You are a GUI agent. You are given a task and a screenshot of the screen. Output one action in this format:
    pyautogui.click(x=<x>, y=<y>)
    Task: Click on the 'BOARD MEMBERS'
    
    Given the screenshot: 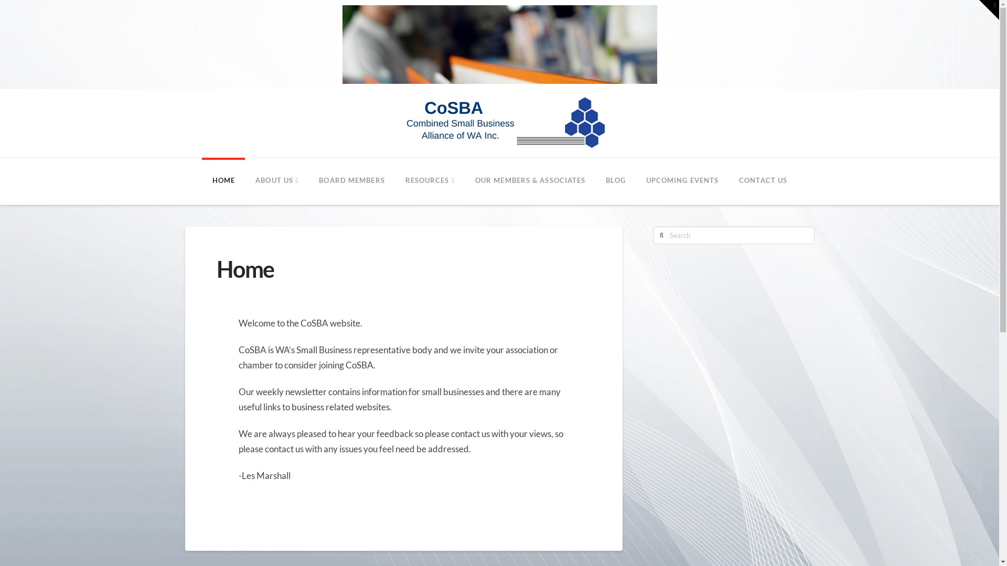 What is the action you would take?
    pyautogui.click(x=351, y=181)
    